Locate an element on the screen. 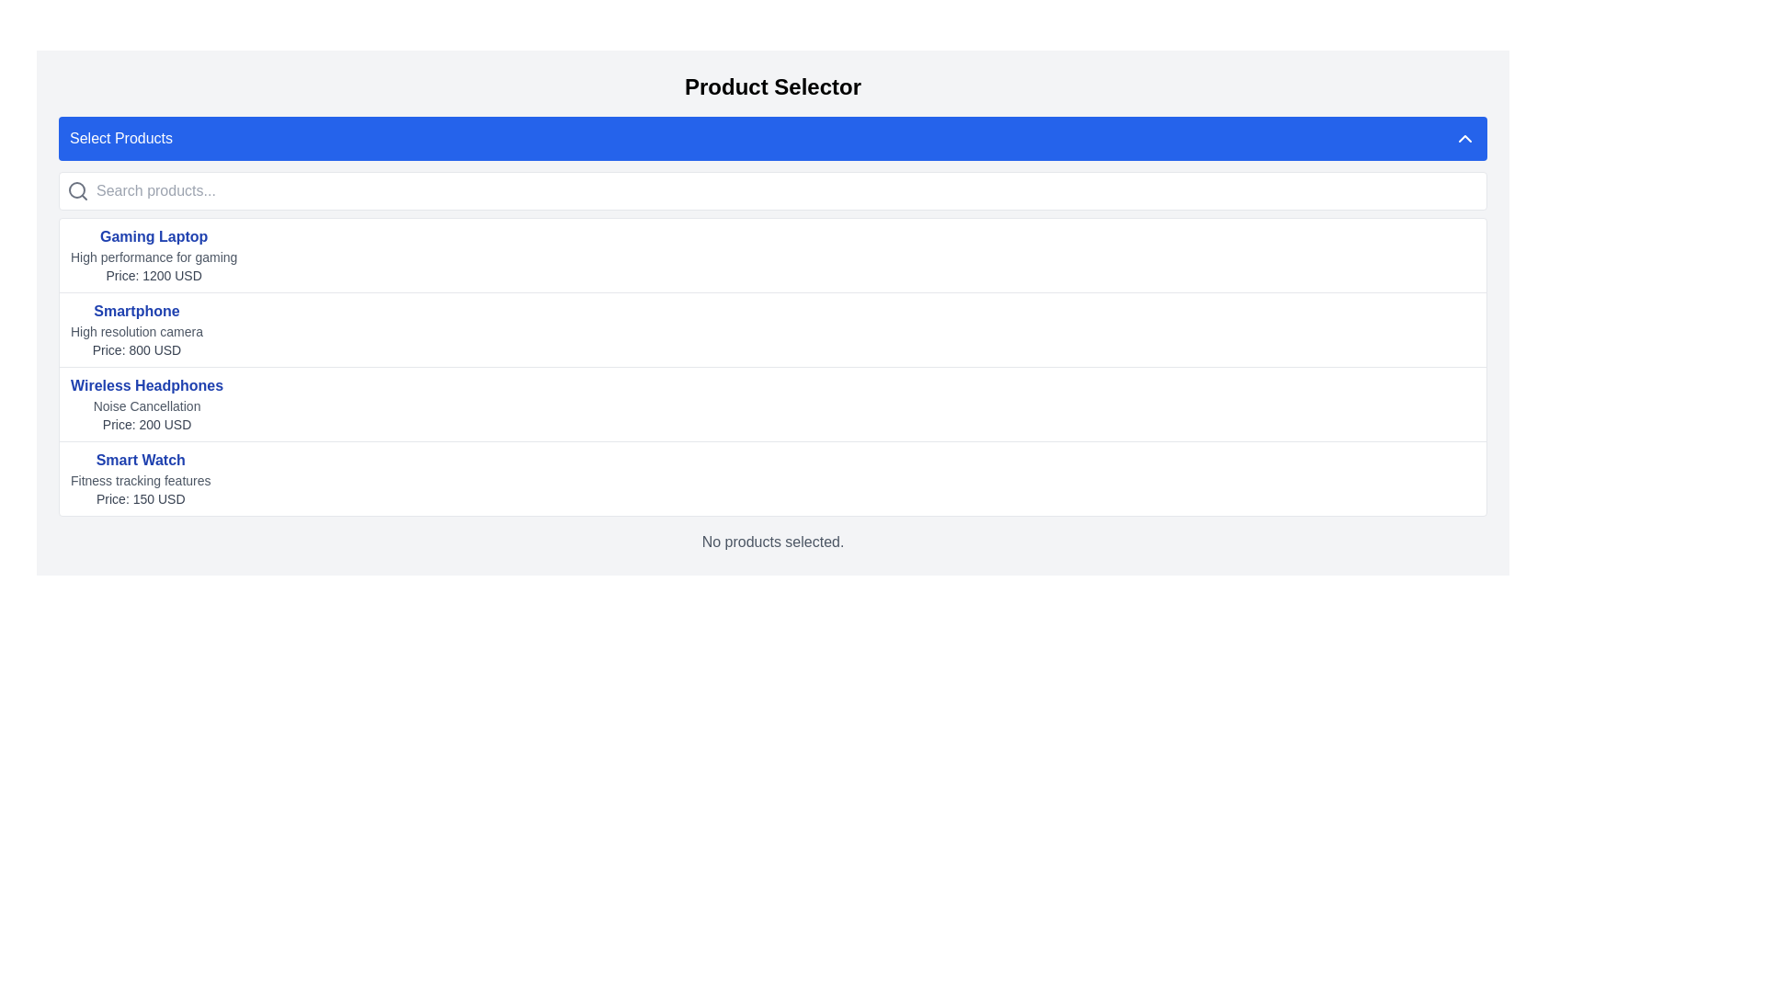  the text 'Wireless Headphones' in bold blue font is located at coordinates (147, 385).